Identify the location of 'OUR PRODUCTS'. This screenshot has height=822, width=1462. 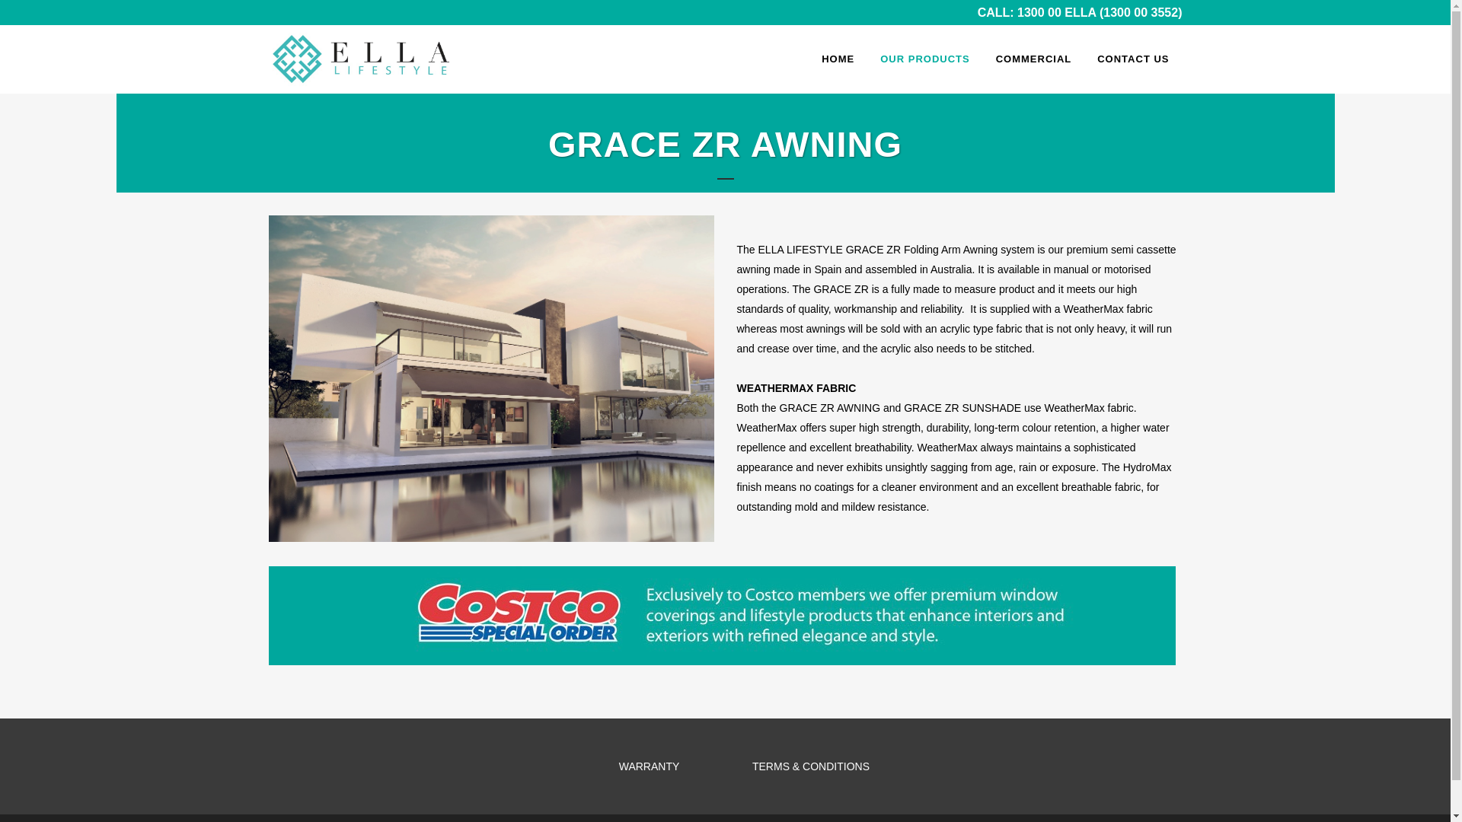
(924, 58).